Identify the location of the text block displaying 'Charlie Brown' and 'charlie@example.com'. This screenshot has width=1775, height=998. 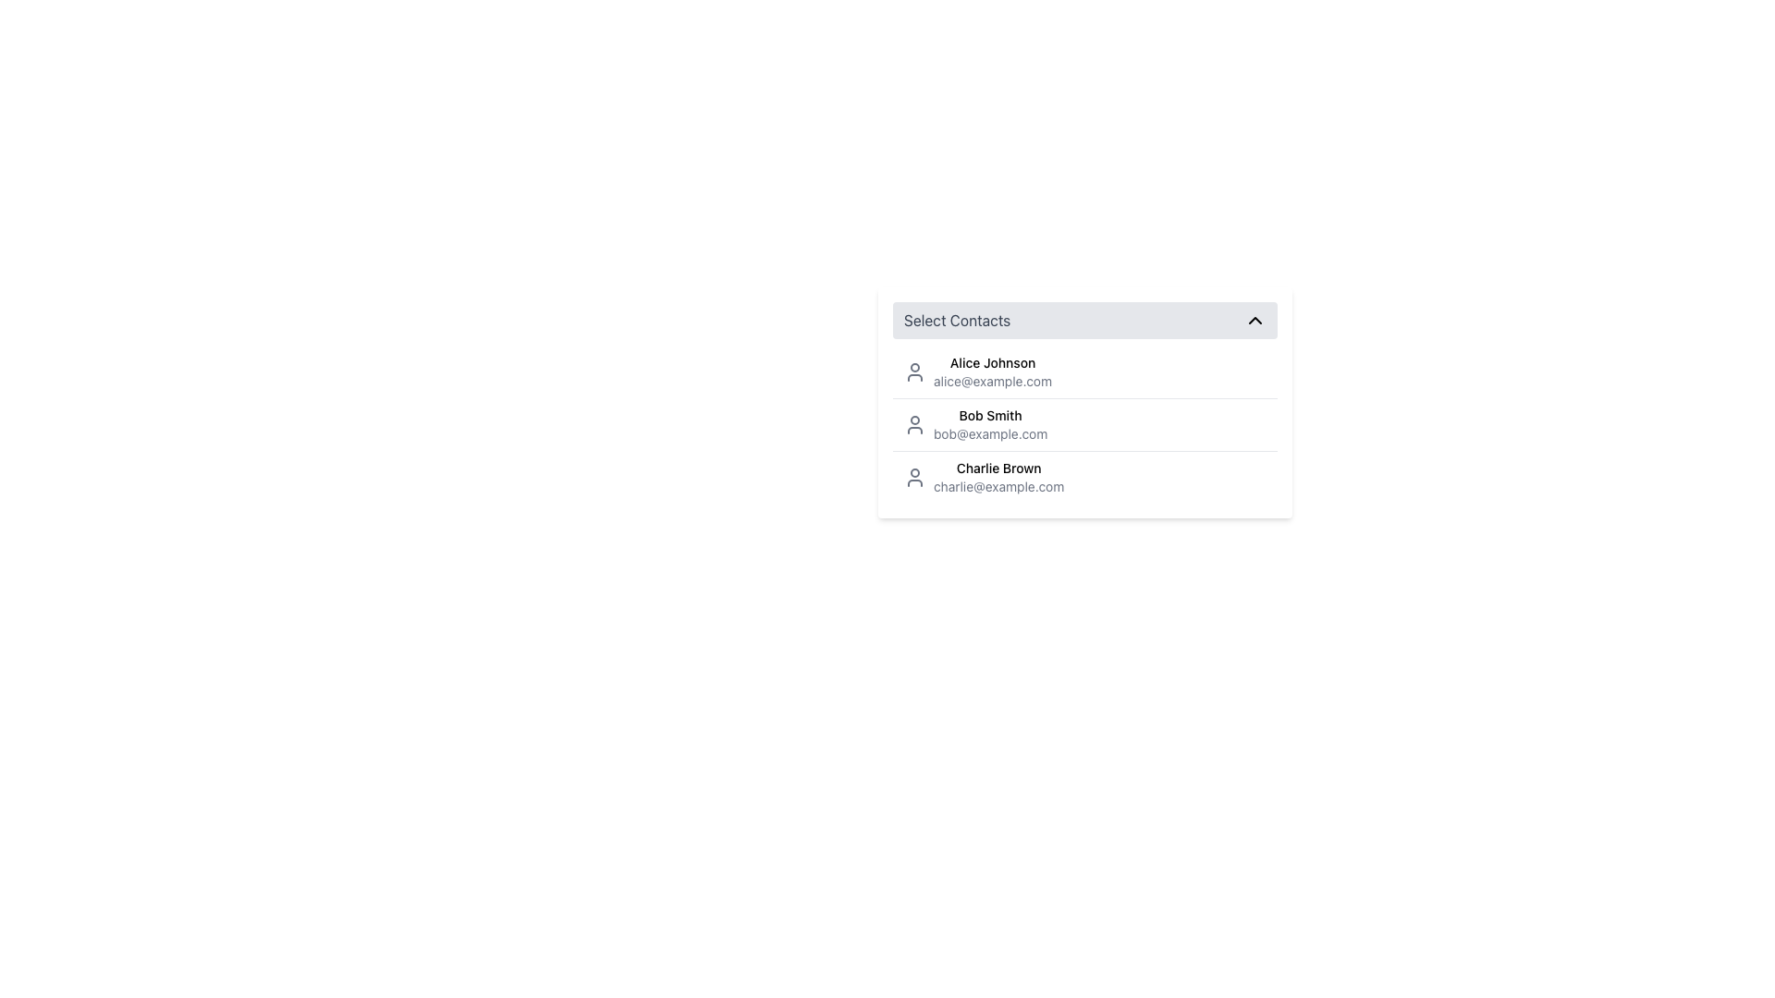
(998, 476).